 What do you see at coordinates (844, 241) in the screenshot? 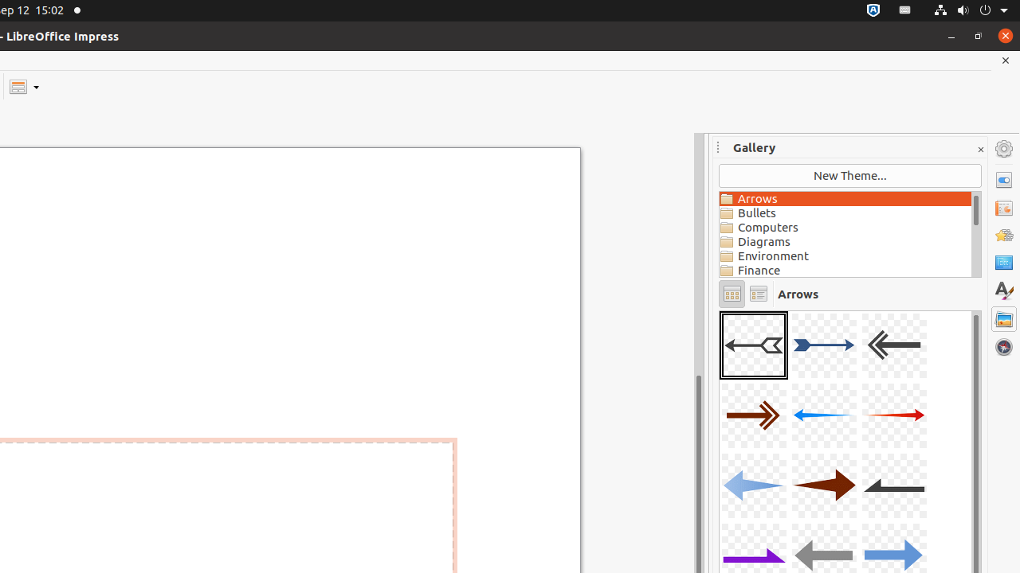
I see `'Diagrams'` at bounding box center [844, 241].